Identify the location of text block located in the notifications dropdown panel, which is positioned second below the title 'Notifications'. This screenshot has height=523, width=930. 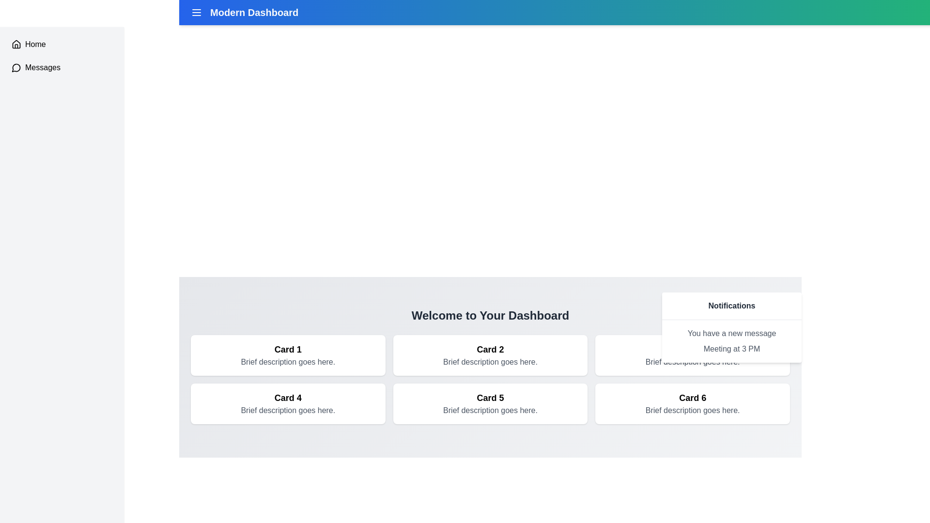
(732, 341).